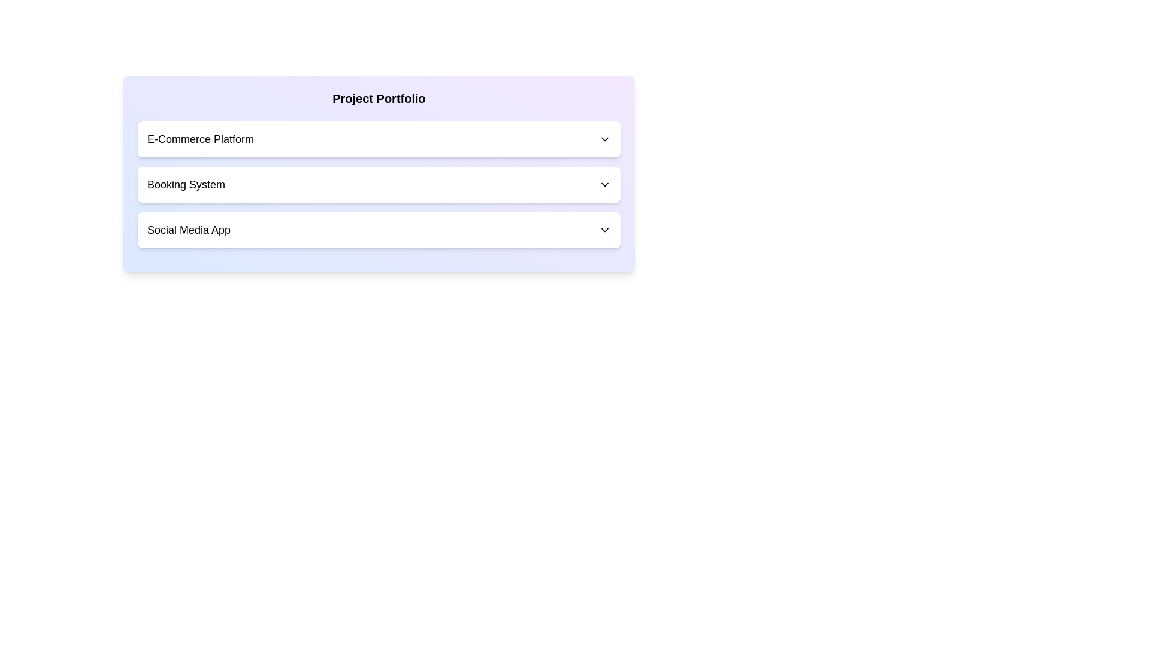 The width and height of the screenshot is (1150, 646). Describe the element at coordinates (604, 230) in the screenshot. I see `the Chevron icon associated with the 'Social Media App' dropdown menu, which is a small, downward-pointing arrow` at that location.